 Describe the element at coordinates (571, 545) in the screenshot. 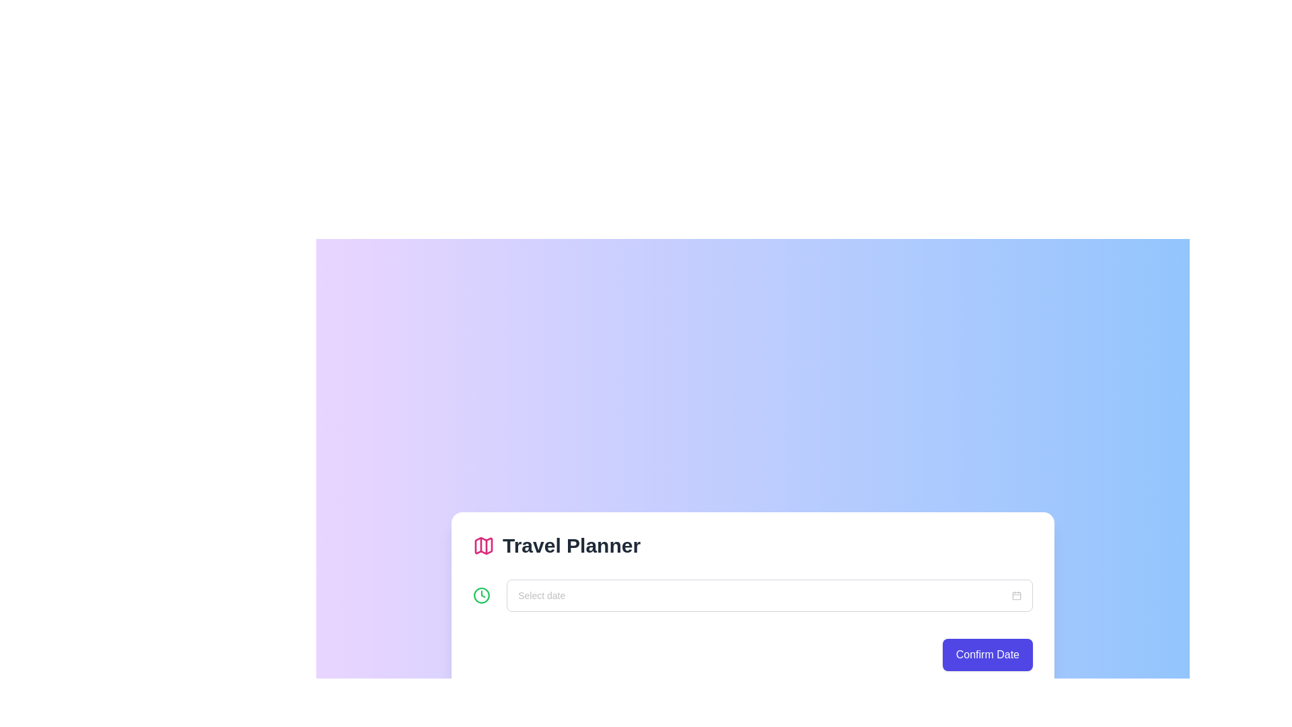

I see `the Text Label that serves as a header for the travel planning section, located above the date selection field and to the right of a pink map icon` at that location.